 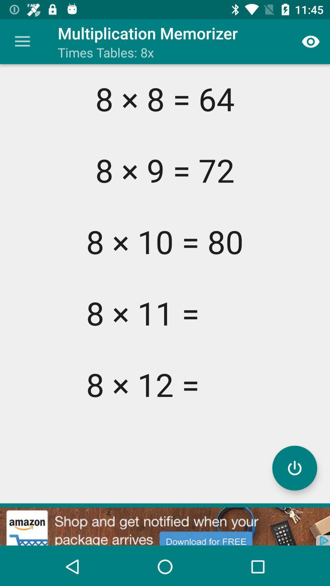 What do you see at coordinates (294, 468) in the screenshot?
I see `the power icon` at bounding box center [294, 468].